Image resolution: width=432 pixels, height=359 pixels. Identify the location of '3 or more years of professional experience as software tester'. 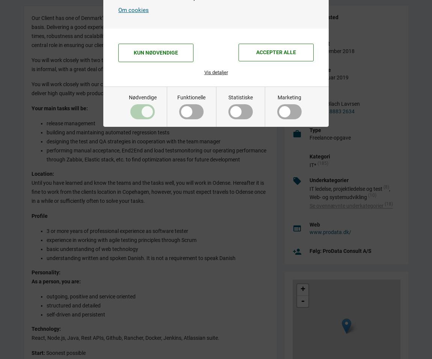
(117, 230).